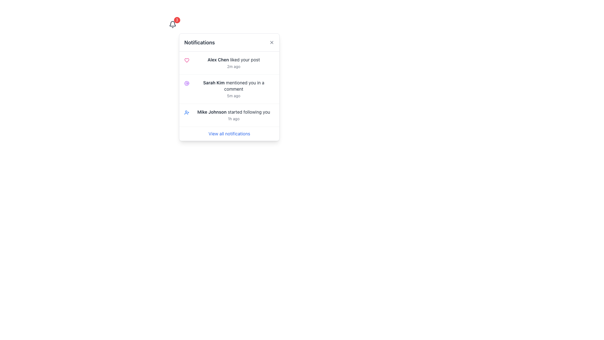 Image resolution: width=604 pixels, height=340 pixels. Describe the element at coordinates (229, 89) in the screenshot. I see `the second notification item stating 'Sarah Kim mentioned you in a comment 5m ago'` at that location.